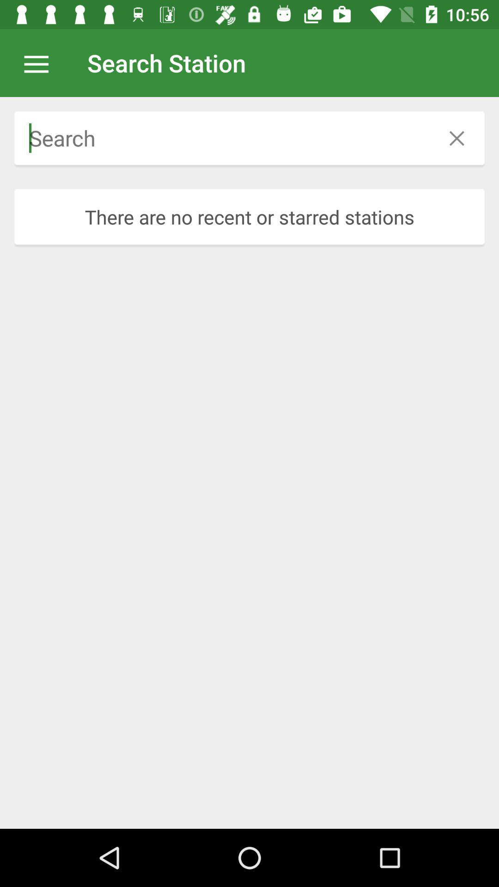 The image size is (499, 887). Describe the element at coordinates (222, 138) in the screenshot. I see `what to search` at that location.